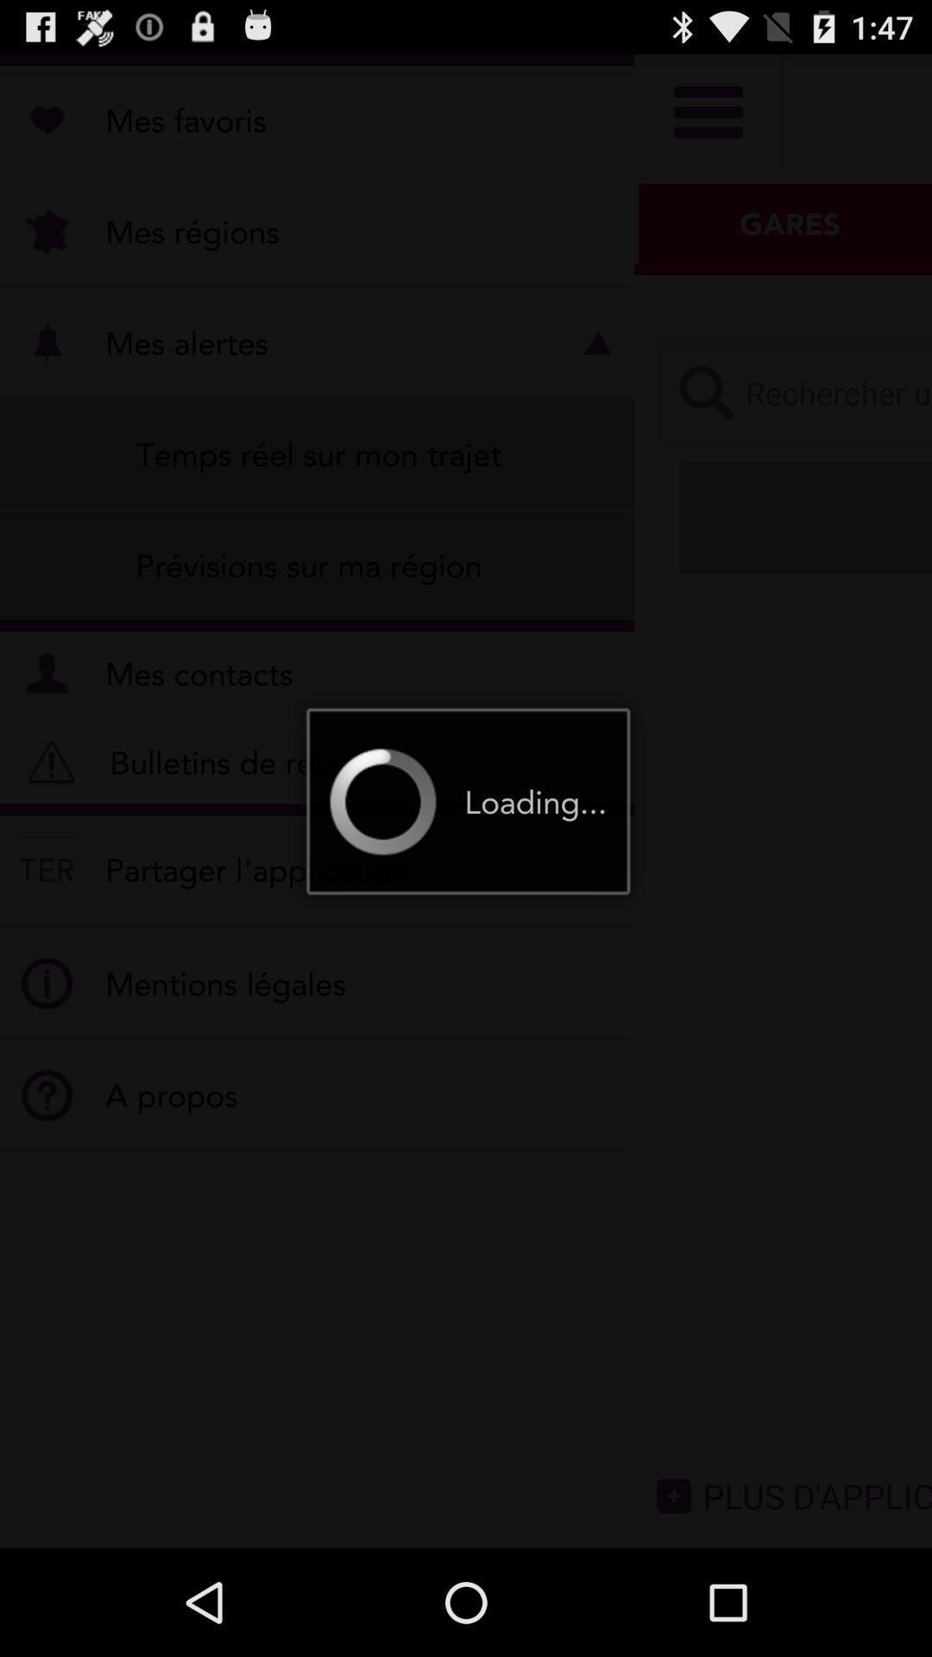  What do you see at coordinates (859, 420) in the screenshot?
I see `the star icon` at bounding box center [859, 420].